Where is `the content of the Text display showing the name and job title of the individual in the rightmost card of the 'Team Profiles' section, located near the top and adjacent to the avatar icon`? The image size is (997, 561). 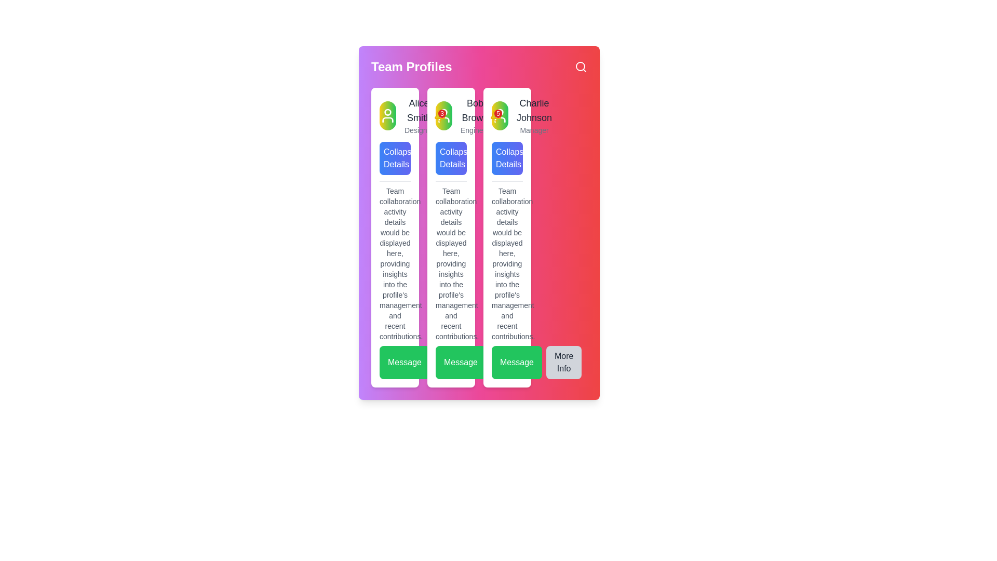
the content of the Text display showing the name and job title of the individual in the rightmost card of the 'Team Profiles' section, located near the top and adjacent to the avatar icon is located at coordinates (534, 116).